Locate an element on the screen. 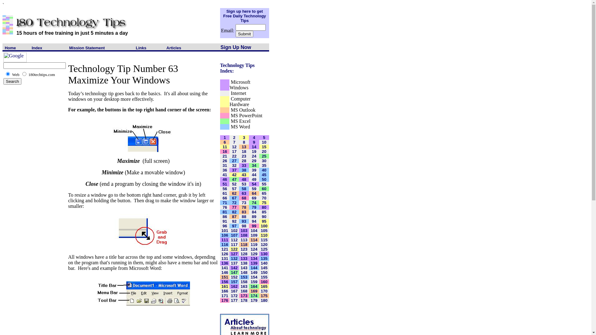  '154' is located at coordinates (254, 276).